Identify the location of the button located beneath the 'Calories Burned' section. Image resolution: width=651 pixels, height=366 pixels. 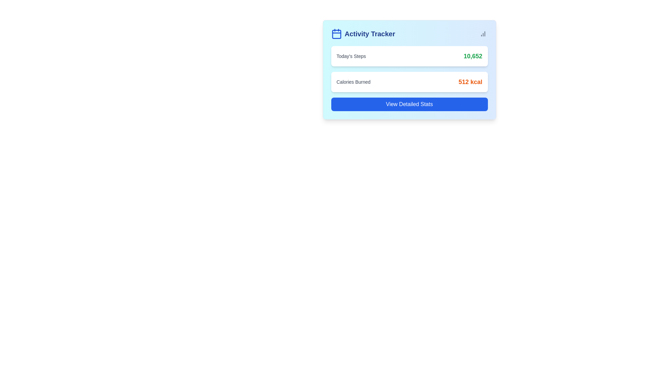
(409, 104).